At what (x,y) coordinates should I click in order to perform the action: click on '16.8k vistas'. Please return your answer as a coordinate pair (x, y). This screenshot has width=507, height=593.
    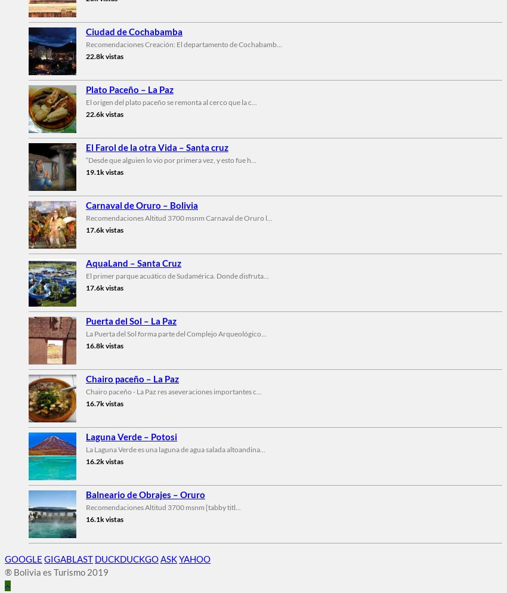
    Looking at the image, I should click on (104, 345).